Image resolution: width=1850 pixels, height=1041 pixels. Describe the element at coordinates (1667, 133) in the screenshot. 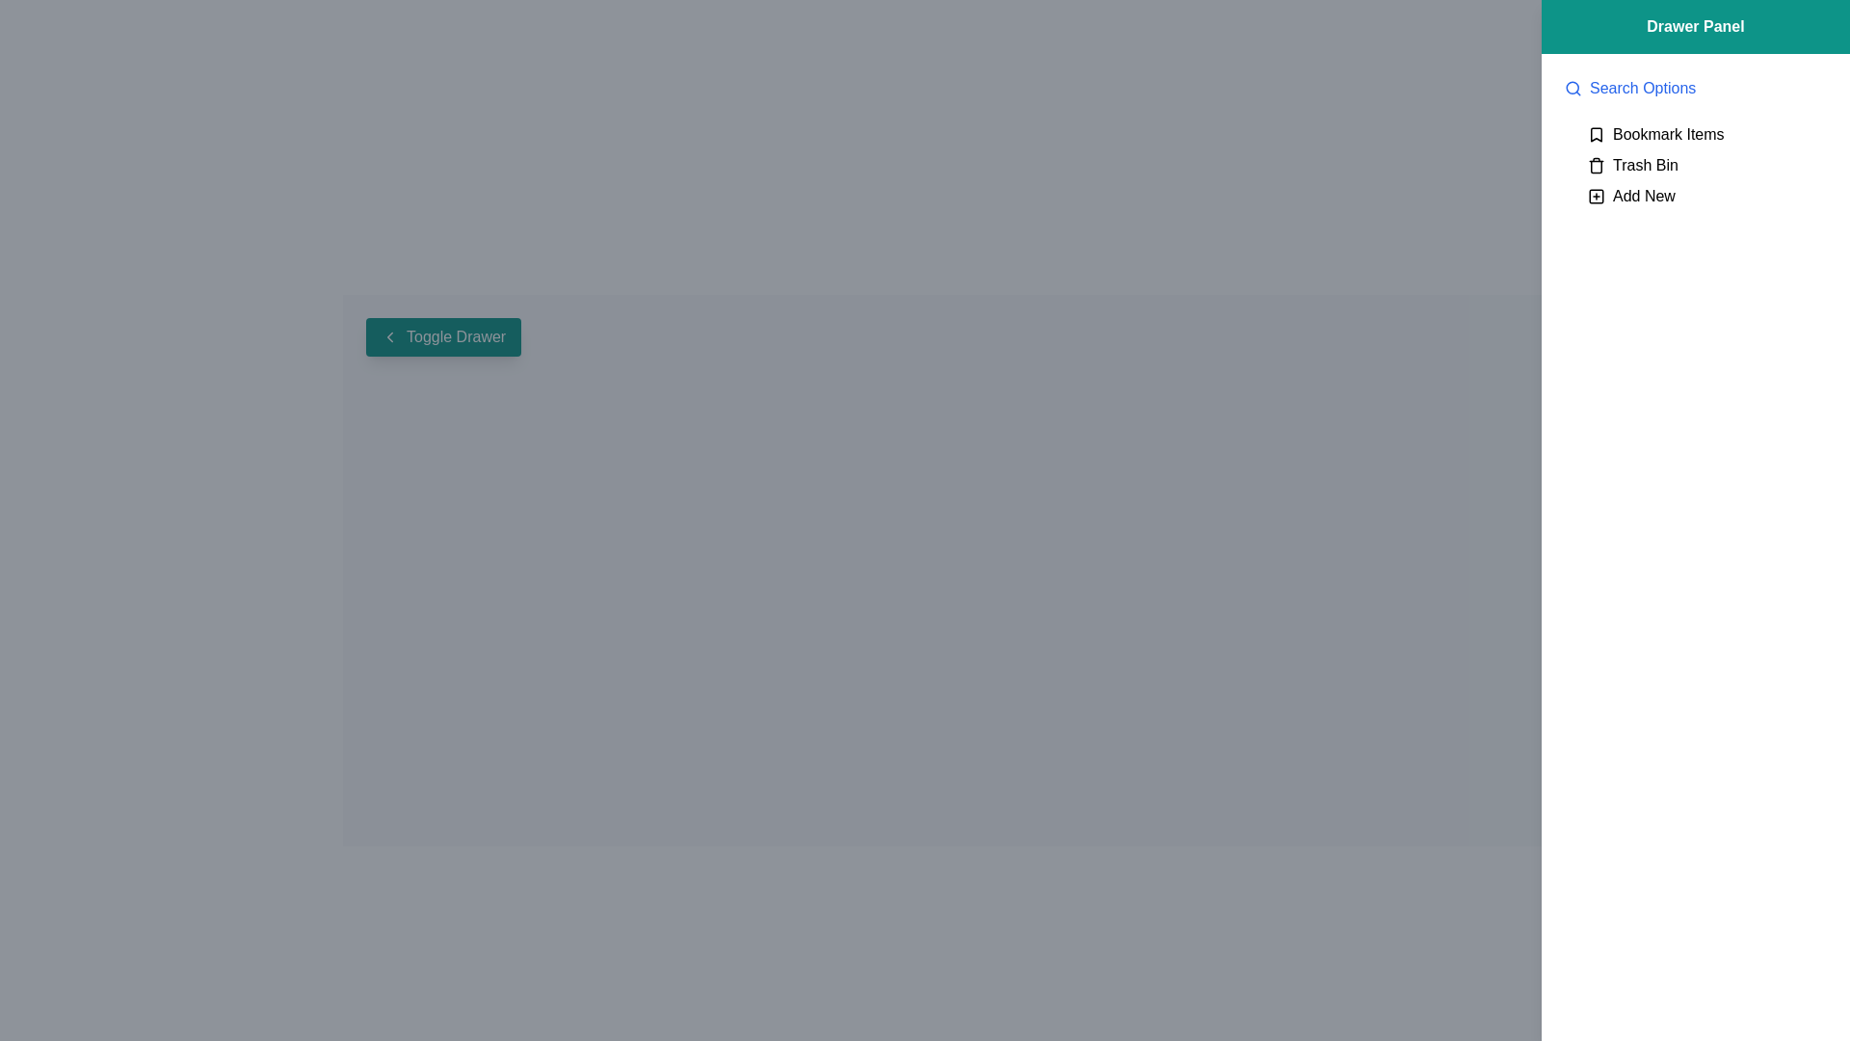

I see `the Text Label indicating bookmarked items located in the top-right drawer panel, which is the first item in the vertical list of options` at that location.